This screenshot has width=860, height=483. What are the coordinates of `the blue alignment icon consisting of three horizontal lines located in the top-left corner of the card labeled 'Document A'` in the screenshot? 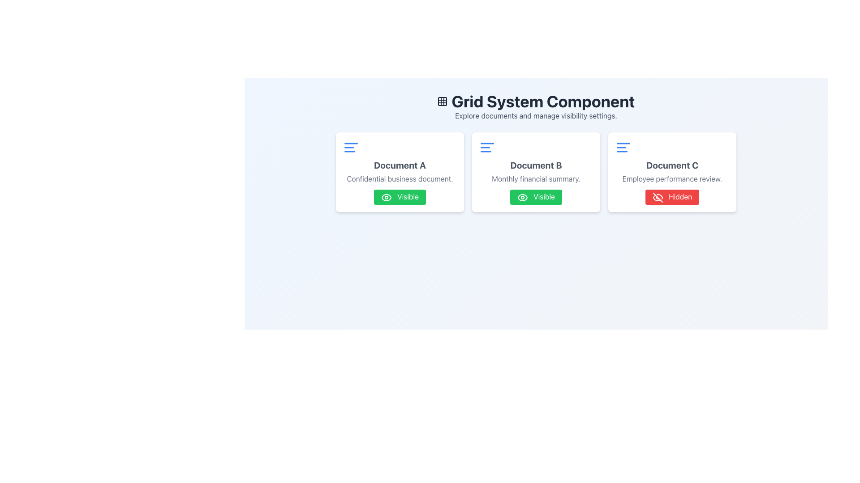 It's located at (350, 147).